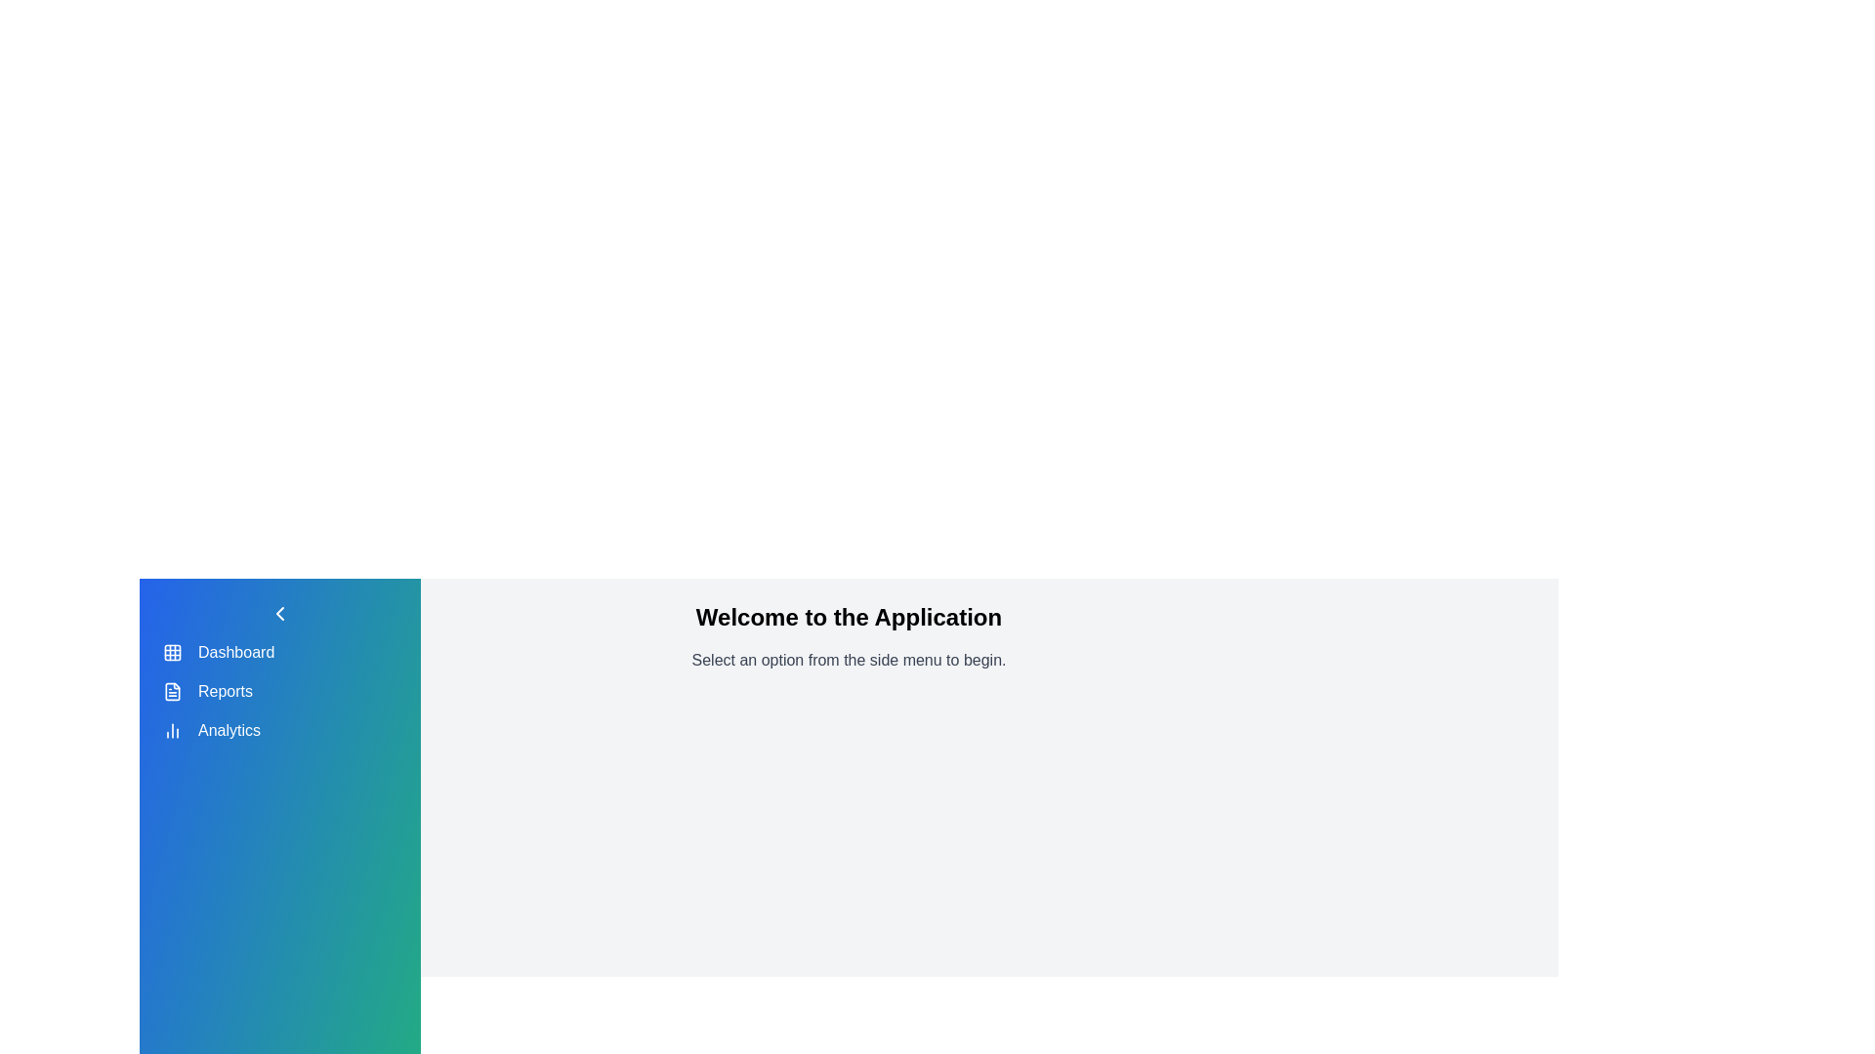 The image size is (1875, 1054). Describe the element at coordinates (173, 691) in the screenshot. I see `the sidebar item Reports` at that location.